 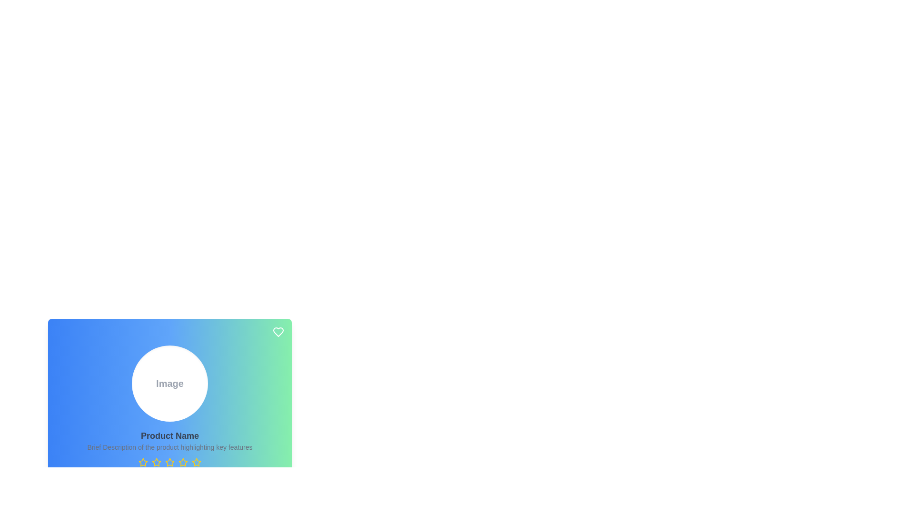 I want to click on the fifth yellow outlined star icon, so click(x=169, y=462).